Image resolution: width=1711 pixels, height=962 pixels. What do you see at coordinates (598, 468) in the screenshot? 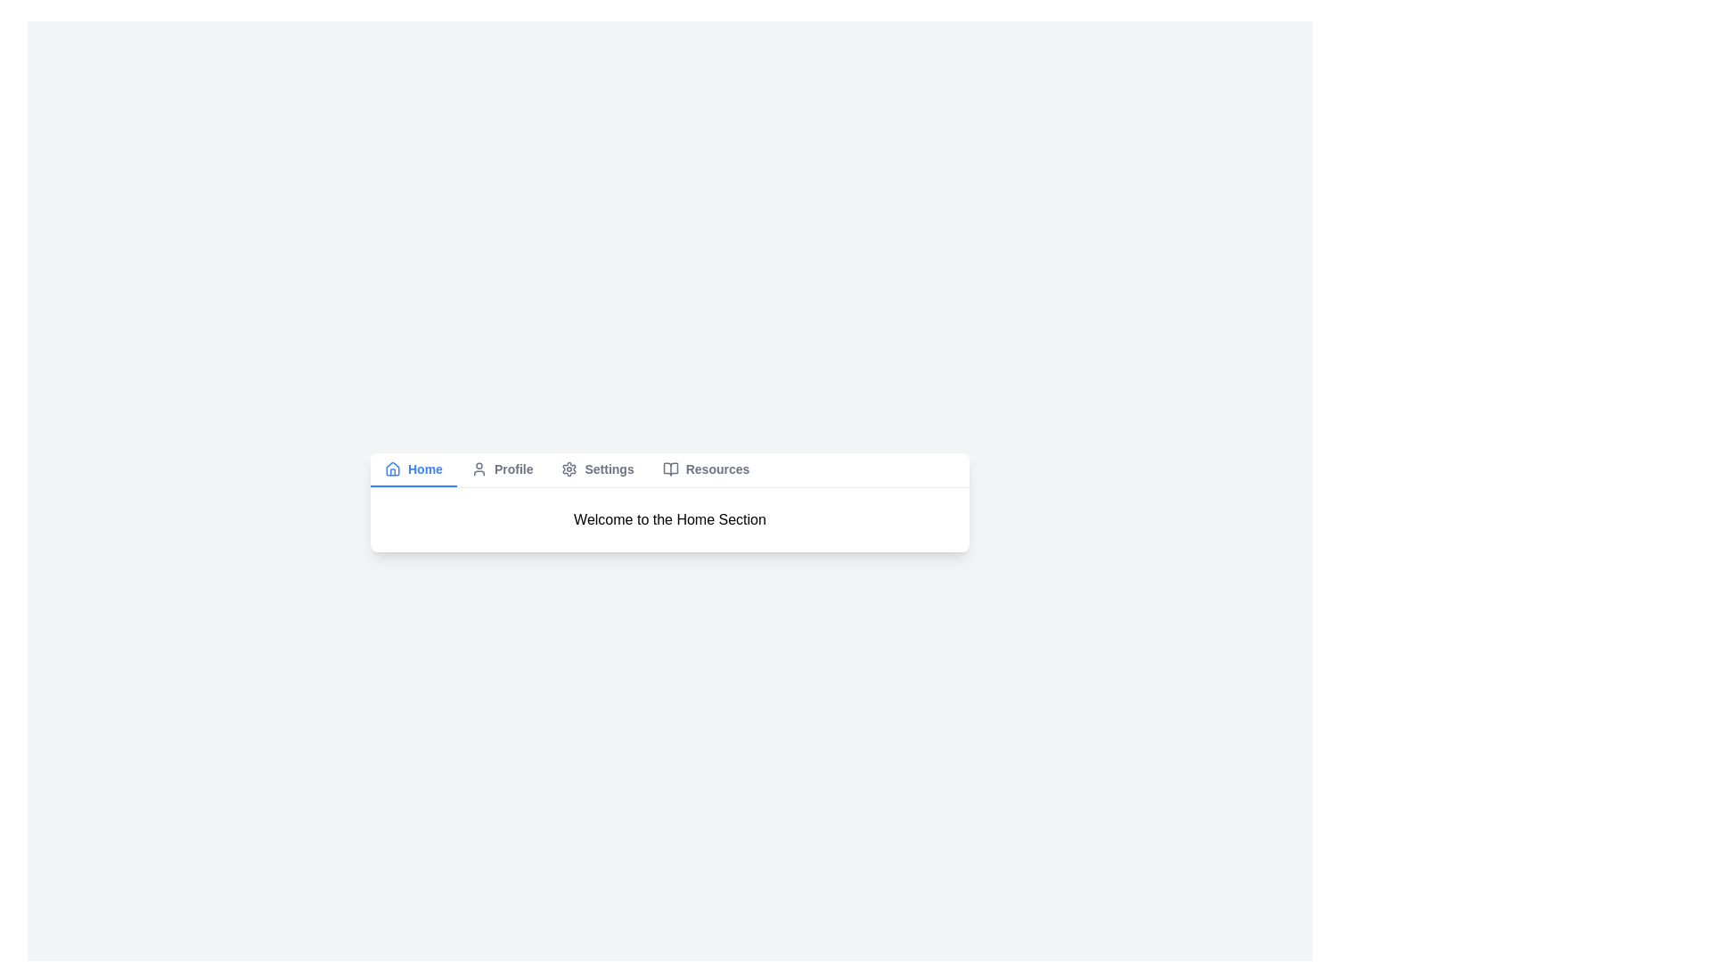
I see `the 'Settings' navigation link, which is the third item in the horizontal navigation bar, featuring a gear icon and the text 'Settings'` at bounding box center [598, 468].